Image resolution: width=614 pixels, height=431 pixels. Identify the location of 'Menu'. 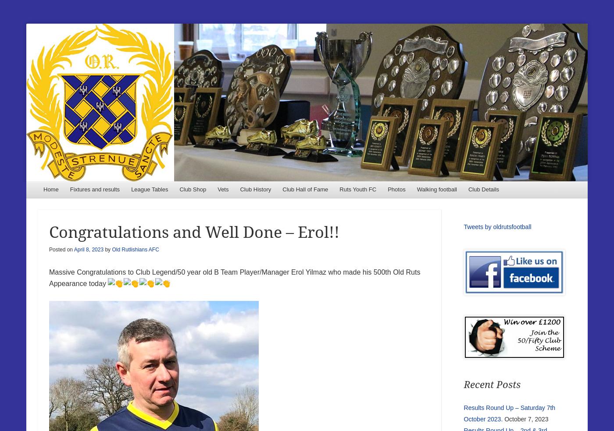
(55, 192).